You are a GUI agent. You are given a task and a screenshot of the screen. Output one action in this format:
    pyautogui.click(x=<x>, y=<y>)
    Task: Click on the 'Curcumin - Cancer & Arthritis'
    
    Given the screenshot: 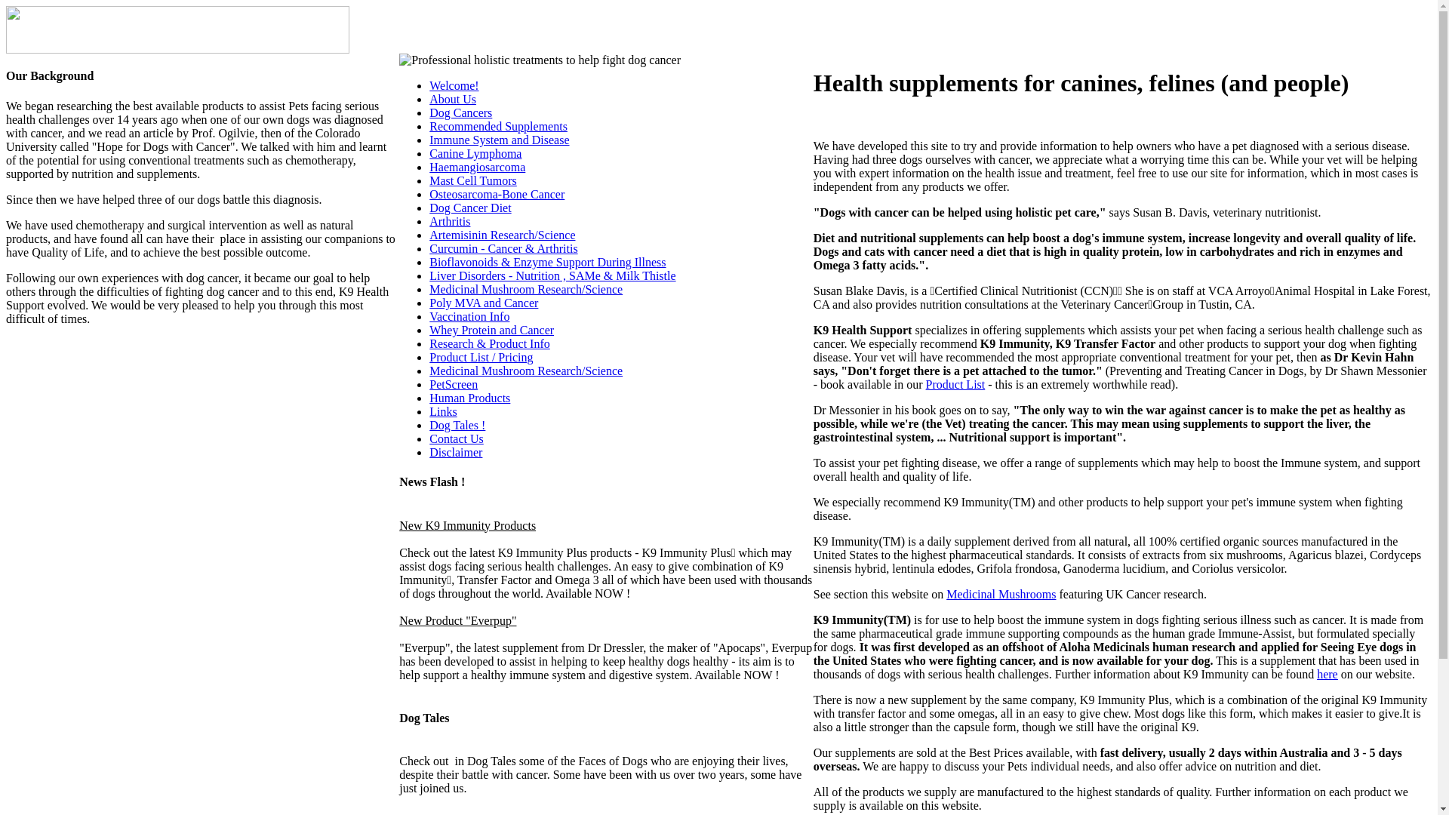 What is the action you would take?
    pyautogui.click(x=429, y=248)
    